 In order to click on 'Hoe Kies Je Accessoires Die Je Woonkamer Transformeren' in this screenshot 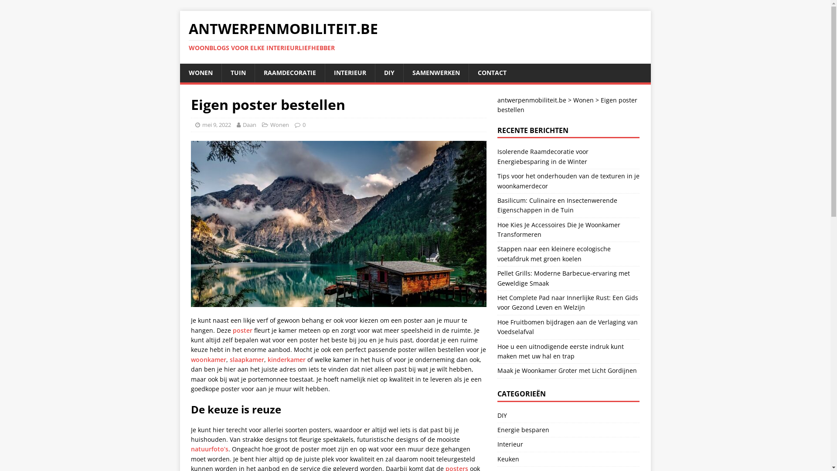, I will do `click(558, 229)`.